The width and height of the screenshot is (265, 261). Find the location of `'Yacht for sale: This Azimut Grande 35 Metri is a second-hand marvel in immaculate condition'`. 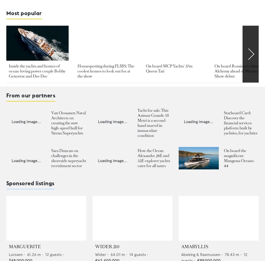

'Yacht for sale: This Azimut Grande 35 Metri is a second-hand marvel in immaculate condition' is located at coordinates (153, 122).